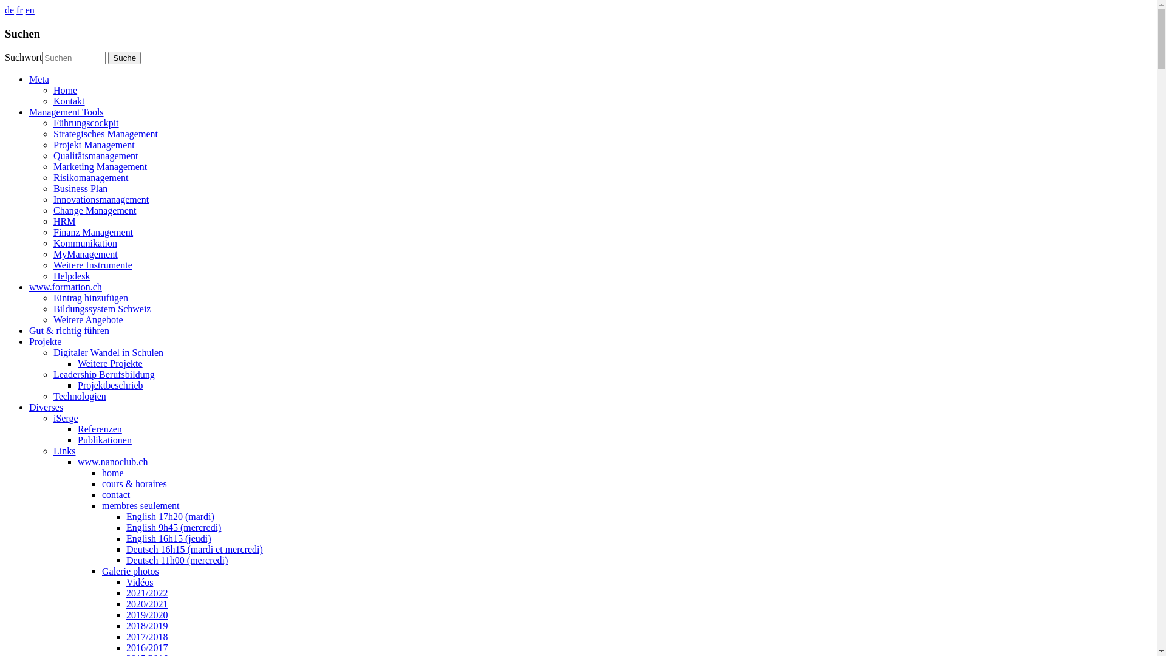 This screenshot has height=656, width=1166. Describe the element at coordinates (146, 647) in the screenshot. I see `'2016/2017'` at that location.